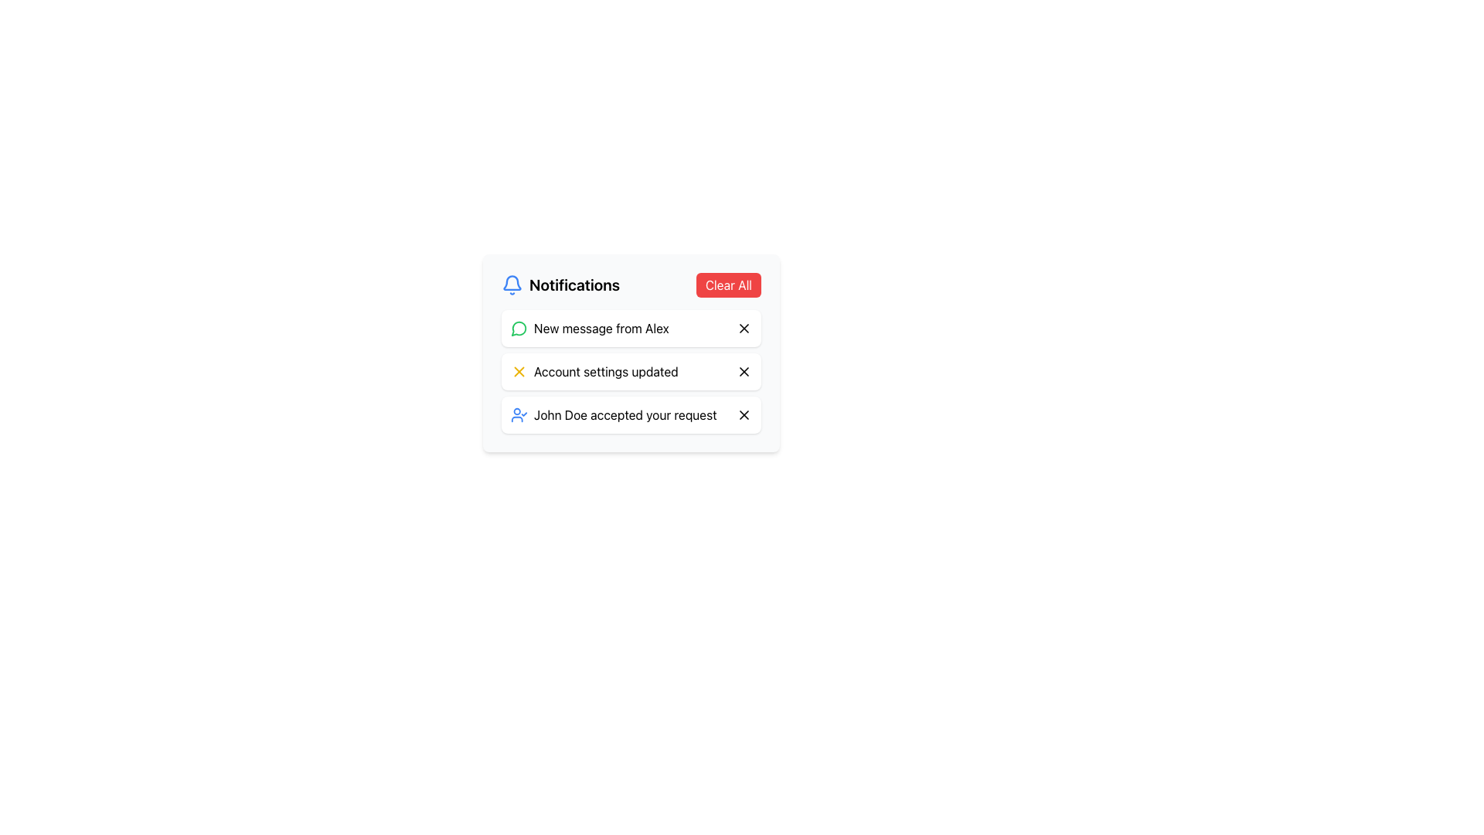  Describe the element at coordinates (574, 285) in the screenshot. I see `the Text Label that serves as the header for the notification panel, positioned centrally between the bell-shaped icon and the 'Clear All' button` at that location.